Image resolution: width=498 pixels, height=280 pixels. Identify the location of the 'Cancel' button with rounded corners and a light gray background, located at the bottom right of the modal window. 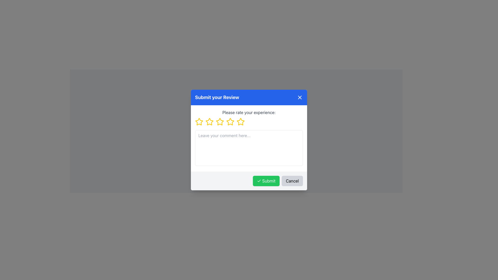
(292, 181).